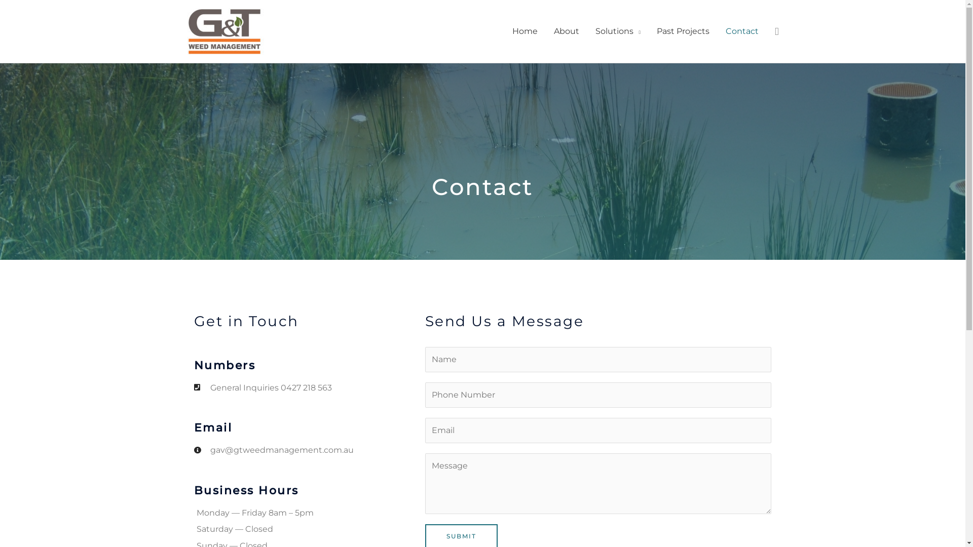  Describe the element at coordinates (566, 30) in the screenshot. I see `'About'` at that location.